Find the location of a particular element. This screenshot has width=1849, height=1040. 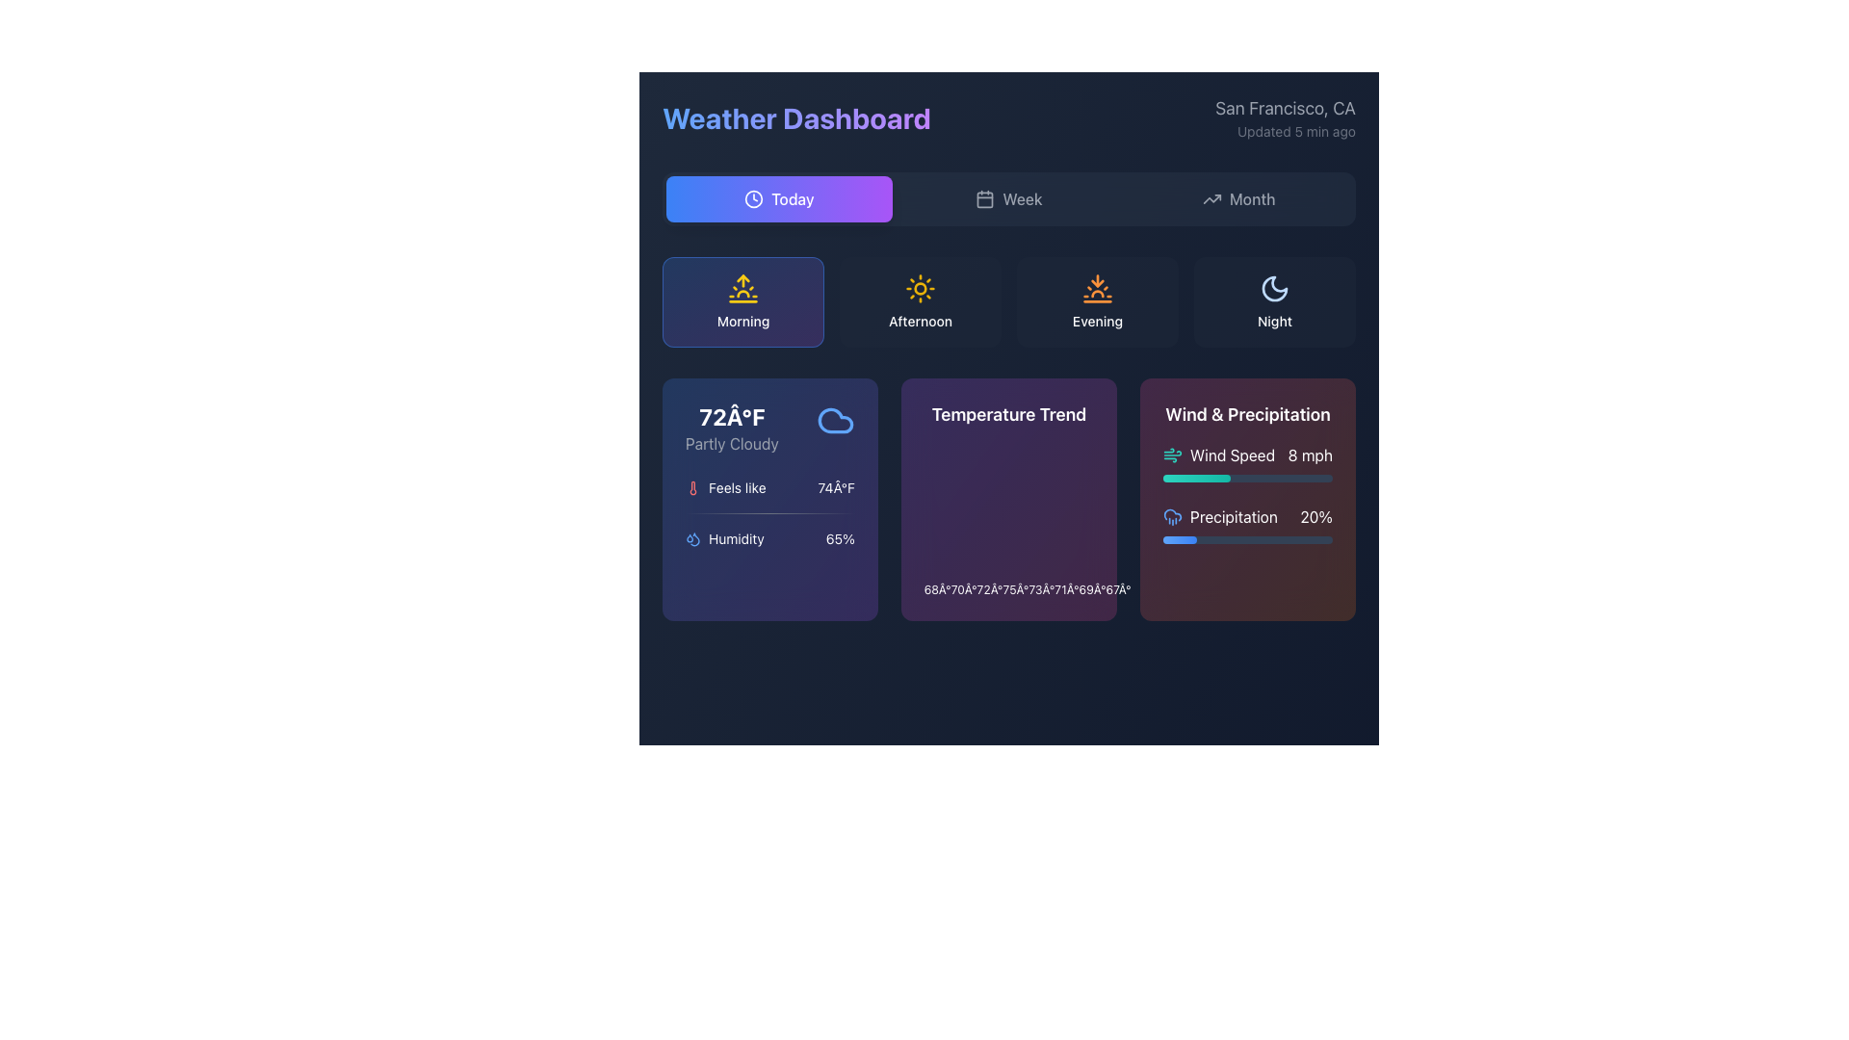

the 'Morning' selectable card is located at coordinates (742, 301).